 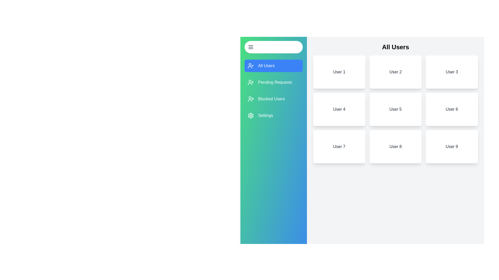 I want to click on the section All Users from the drawer menu, so click(x=273, y=66).